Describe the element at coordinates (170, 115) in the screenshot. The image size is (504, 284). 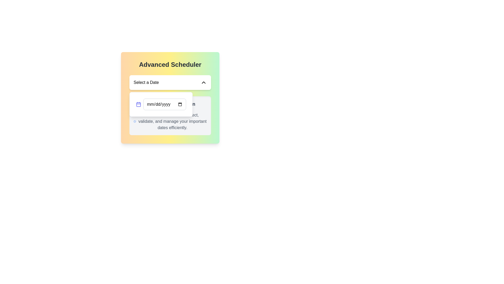
I see `the Informational Card that provides guidance on using the scheduler feature, located within the 'Advanced Scheduler' section beneath the 'Select a Date' input area` at that location.